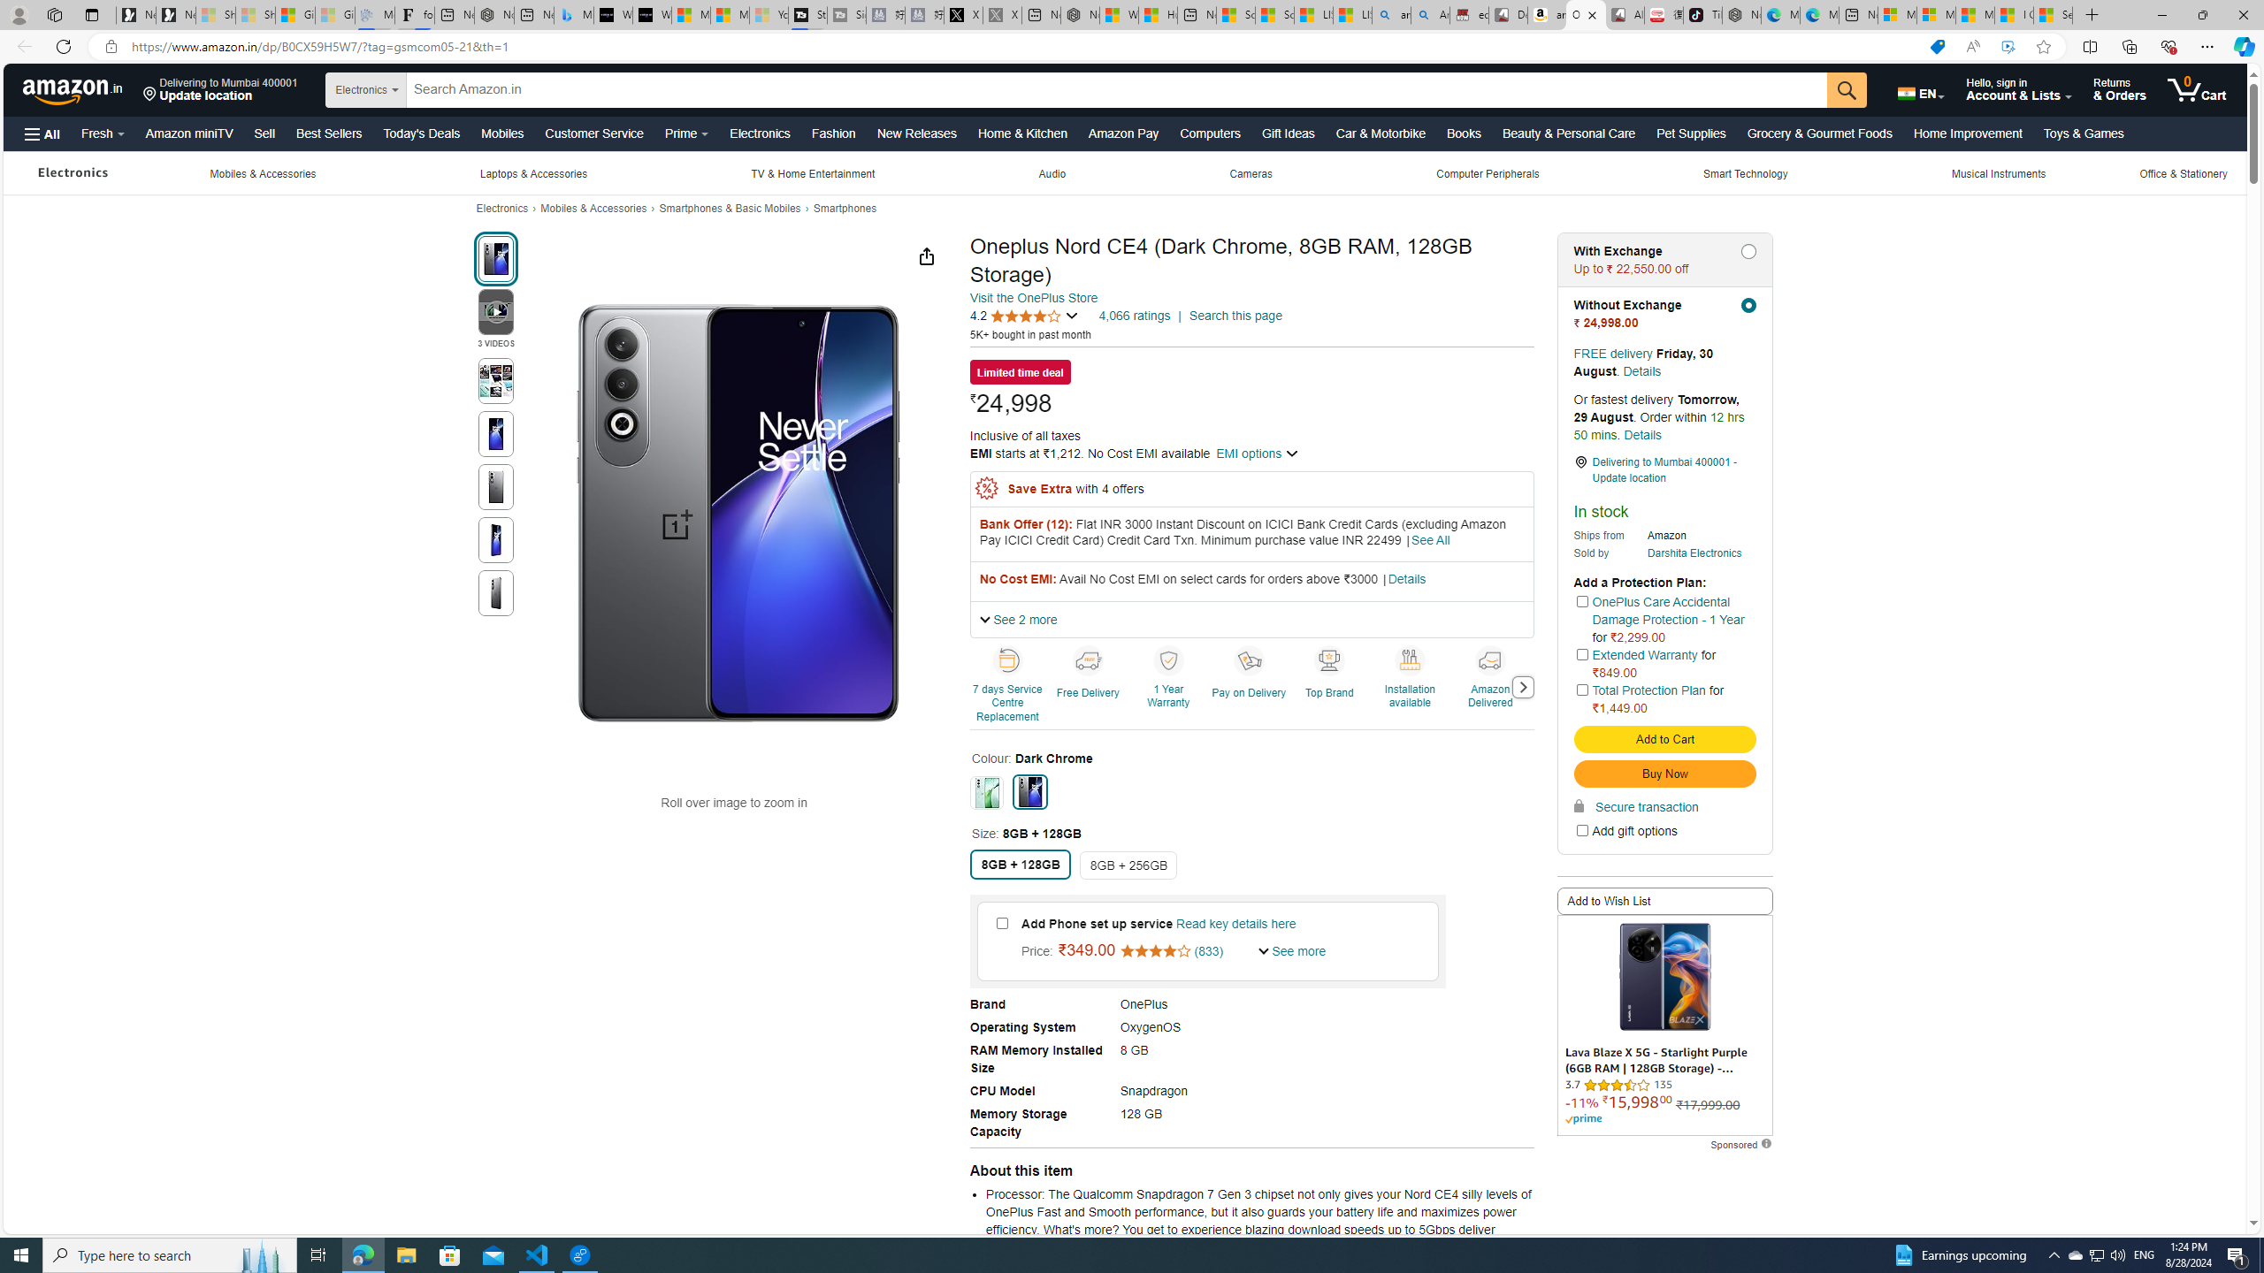 Image resolution: width=2264 pixels, height=1273 pixels. I want to click on 'Smartphones', so click(845, 208).